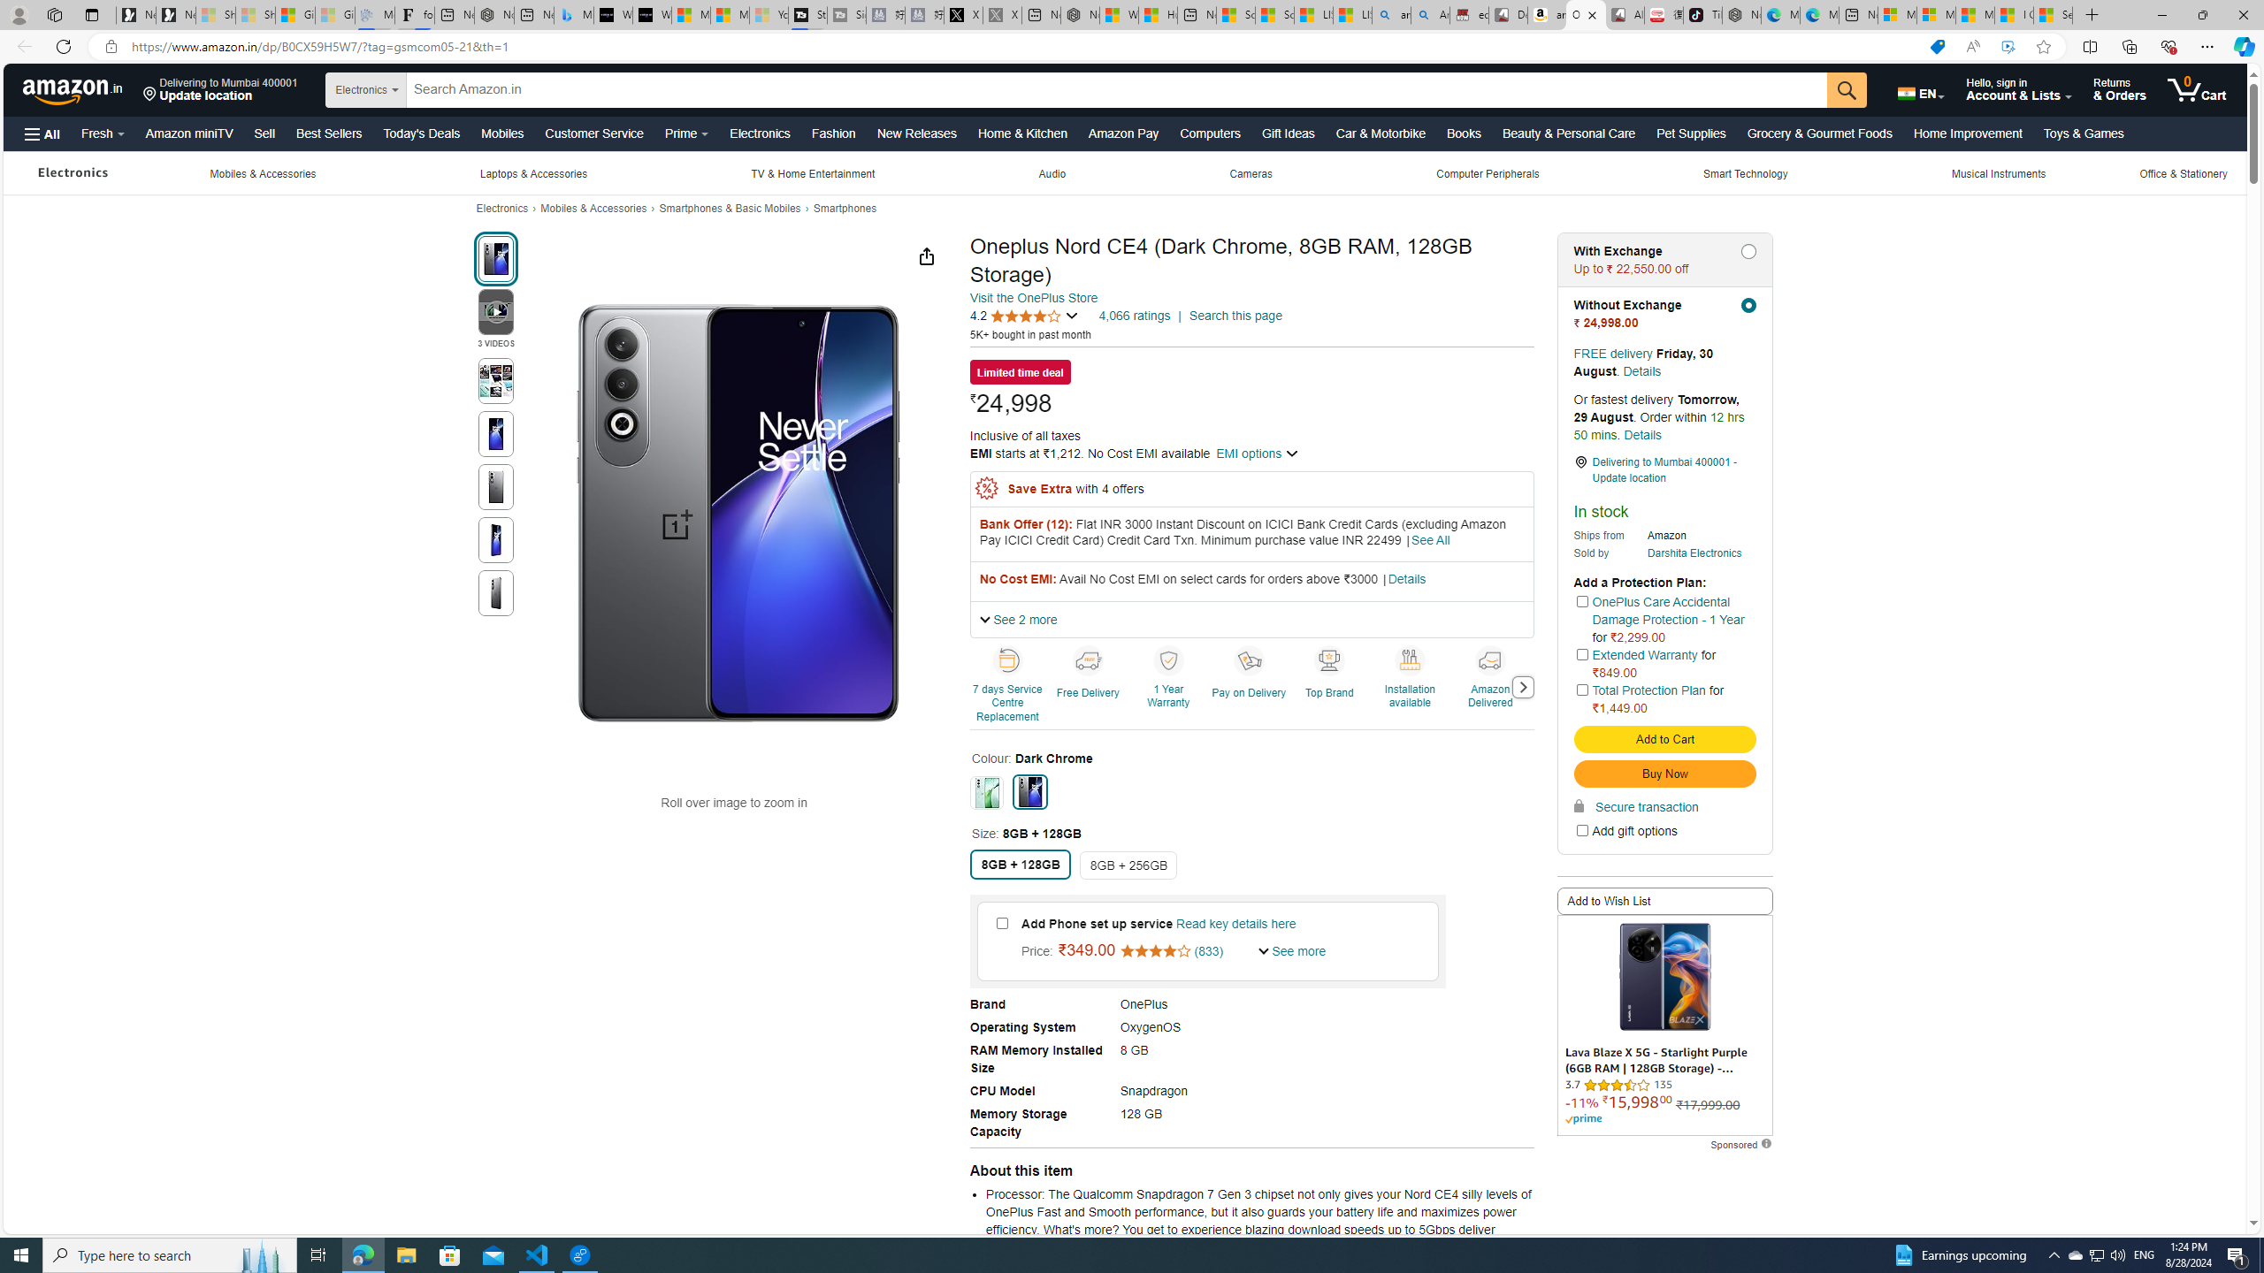 Image resolution: width=2264 pixels, height=1273 pixels. I want to click on 'Smartphones', so click(845, 208).